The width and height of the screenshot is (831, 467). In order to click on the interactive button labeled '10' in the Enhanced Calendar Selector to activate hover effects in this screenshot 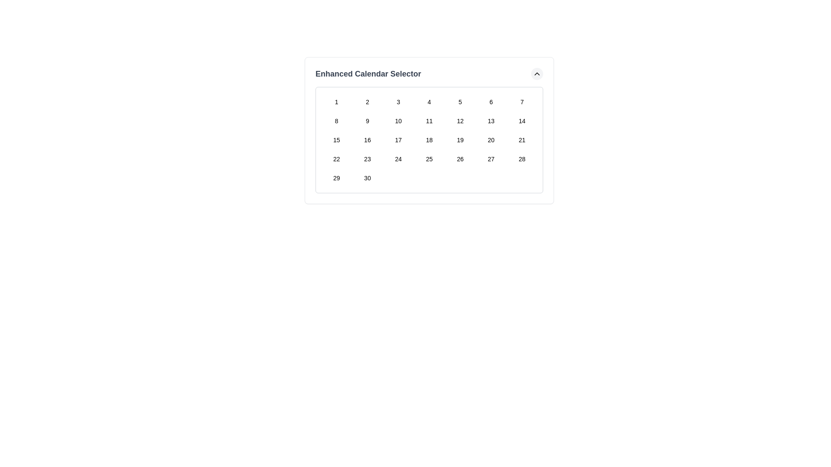, I will do `click(398, 121)`.